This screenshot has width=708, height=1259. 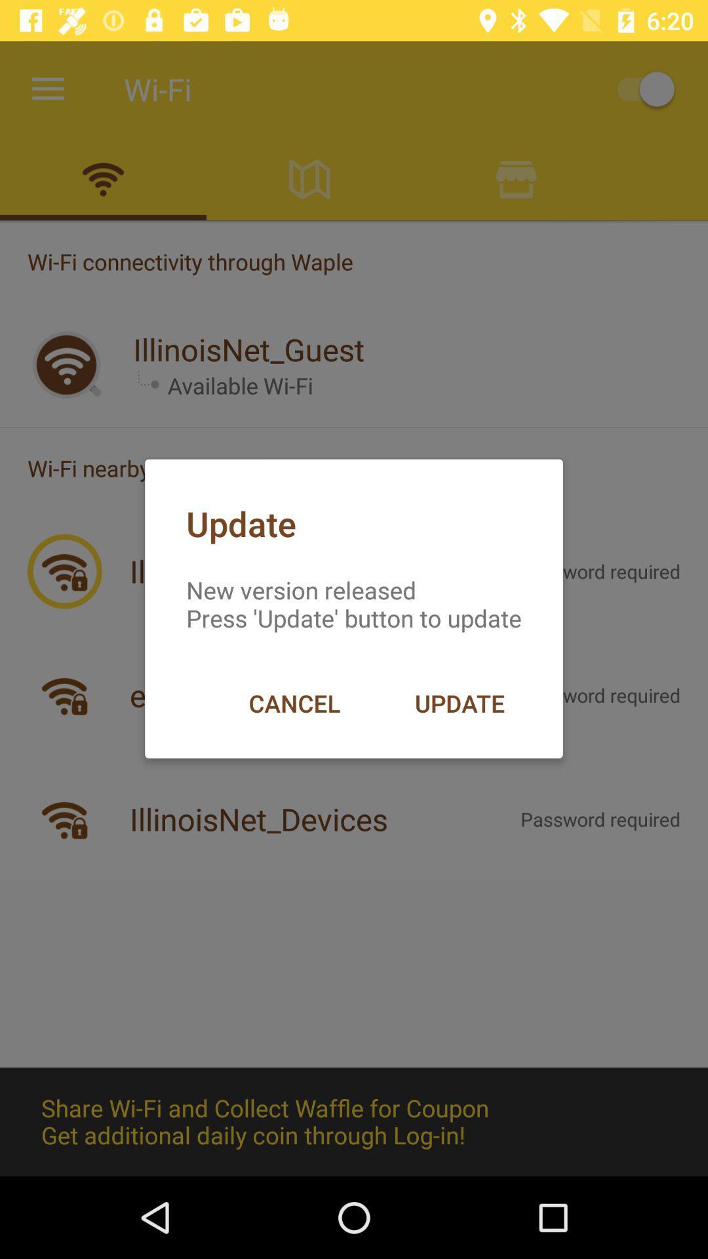 What do you see at coordinates (294, 702) in the screenshot?
I see `cancel` at bounding box center [294, 702].